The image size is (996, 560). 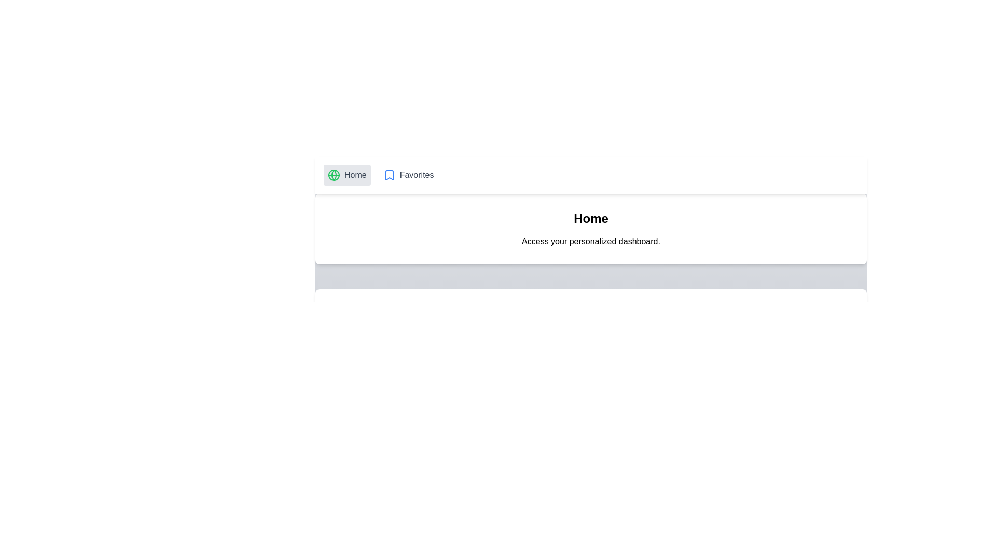 What do you see at coordinates (334, 175) in the screenshot?
I see `the globe icon representing the 'Home' section in the navigation bar, which is positioned left of the 'Home' text` at bounding box center [334, 175].